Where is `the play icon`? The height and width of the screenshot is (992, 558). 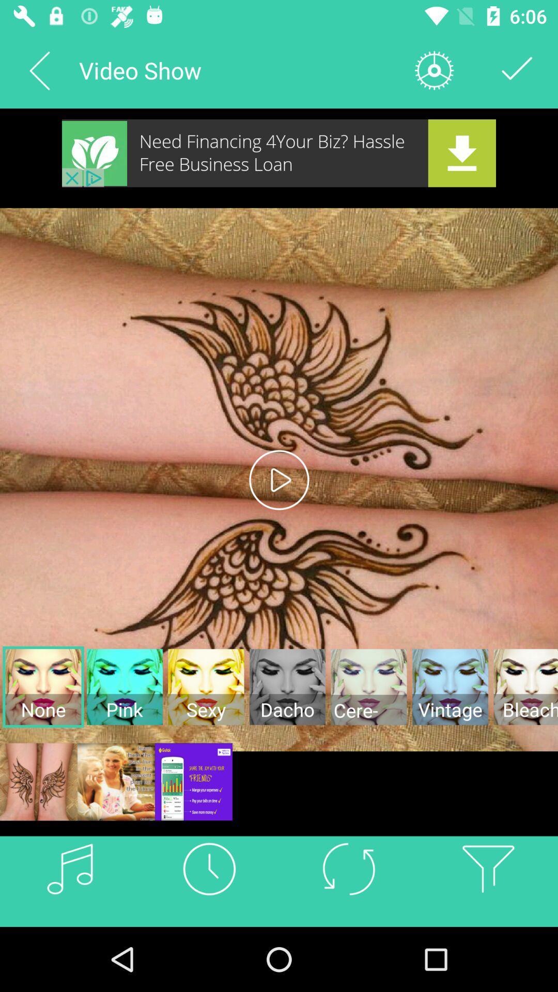
the play icon is located at coordinates (279, 479).